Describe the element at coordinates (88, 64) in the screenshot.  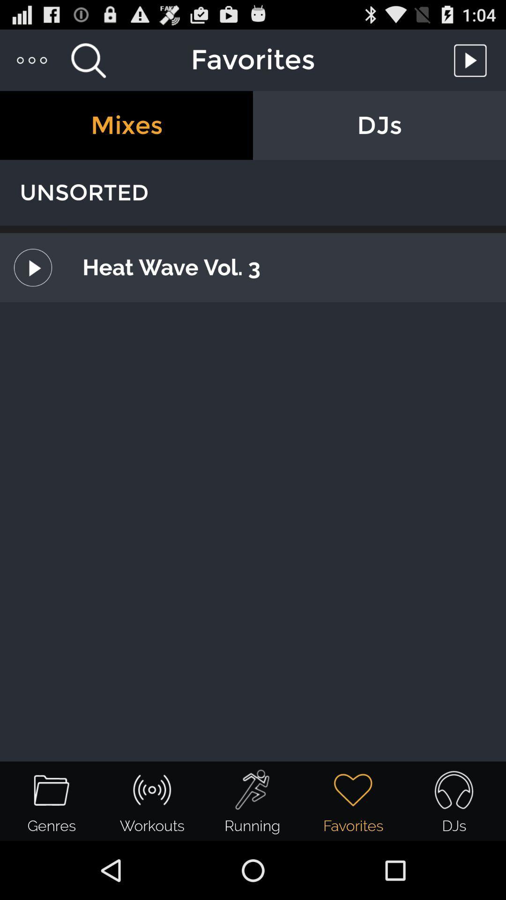
I see `the search icon` at that location.